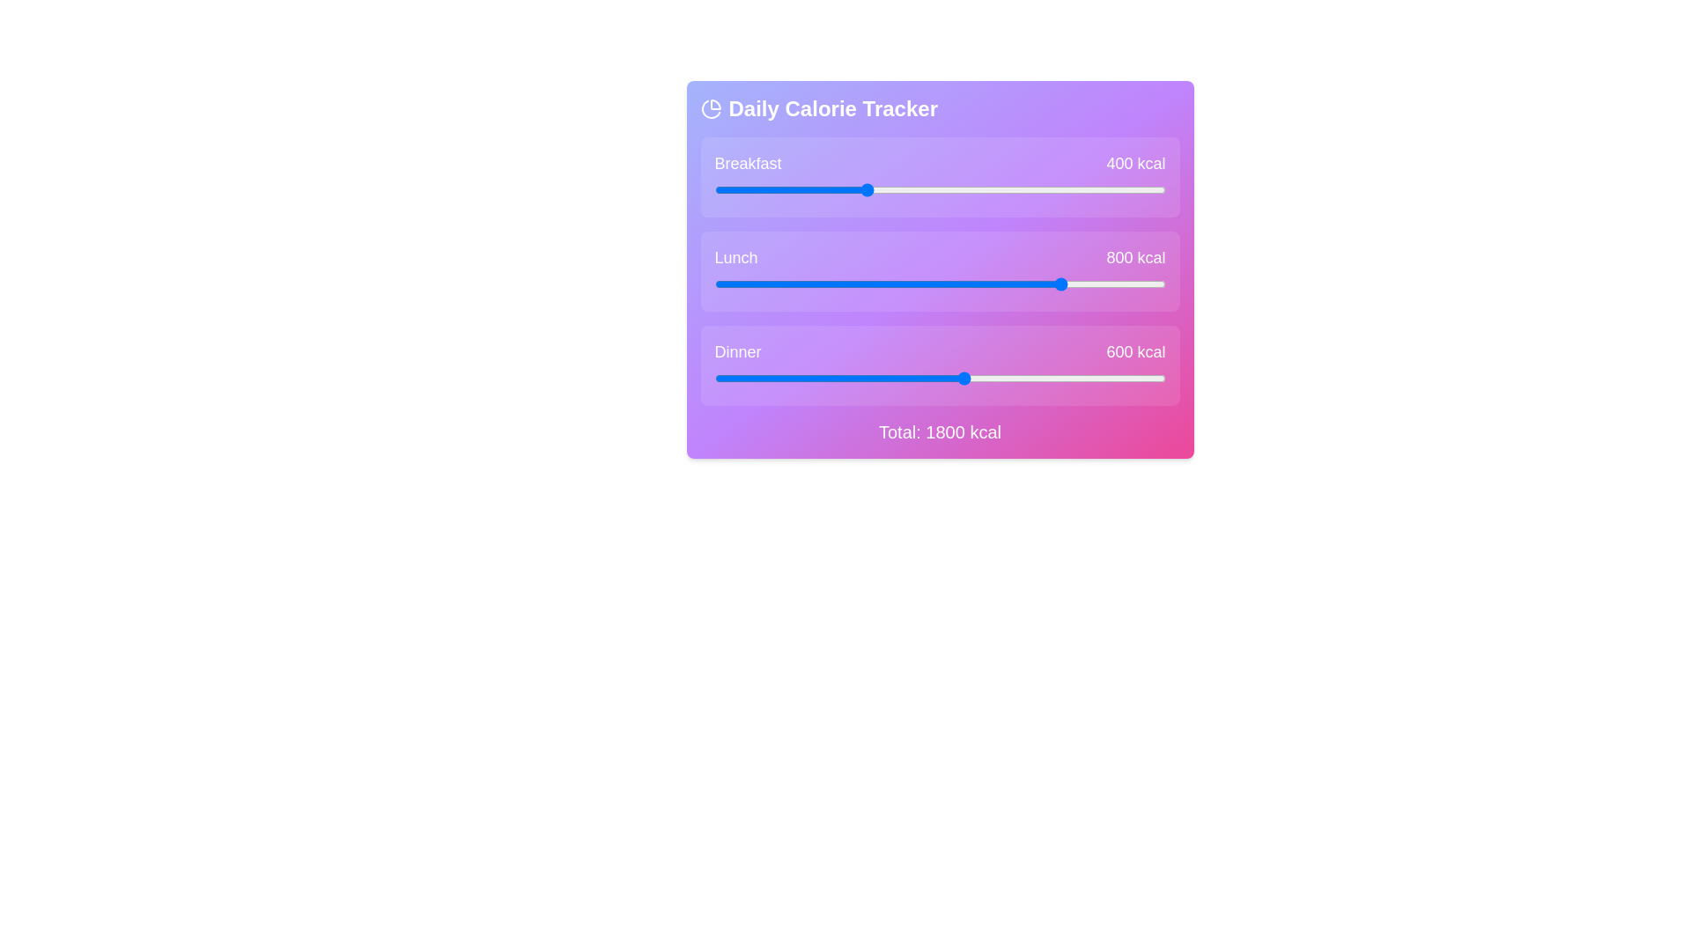 The height and width of the screenshot is (951, 1691). I want to click on the dinner calorie value, so click(775, 377).